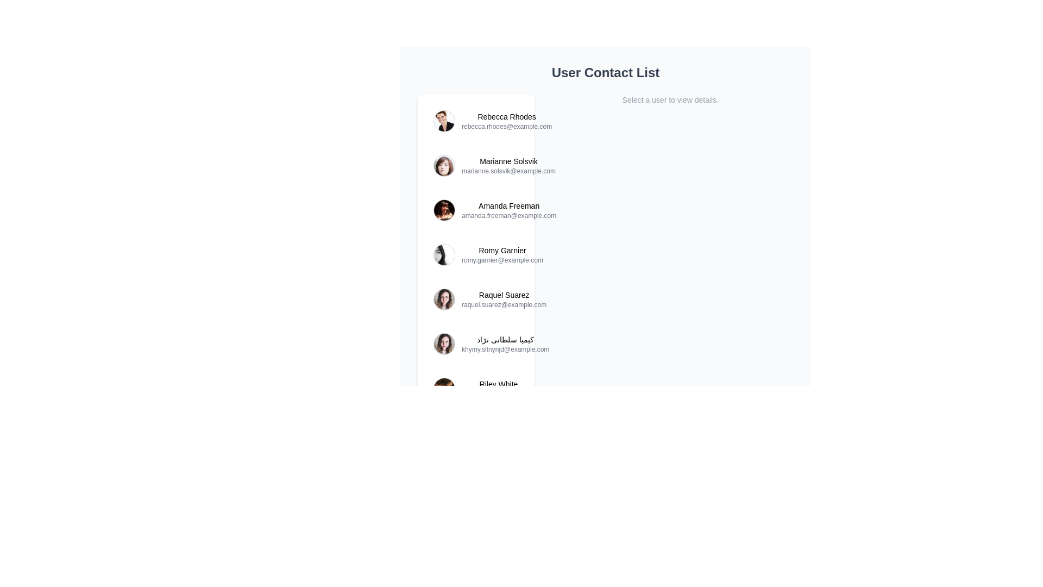 The width and height of the screenshot is (1043, 587). What do you see at coordinates (475, 165) in the screenshot?
I see `the profile image of the second user contact entry, located between 'Rebecca Rhodes' and 'Amanda Freeman'` at bounding box center [475, 165].